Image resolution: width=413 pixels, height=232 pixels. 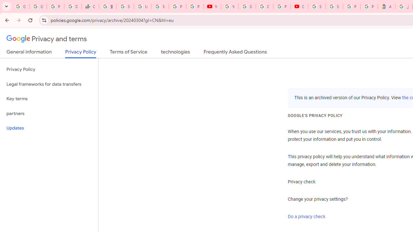 I want to click on 'Create your Google Account', so click(x=264, y=6).